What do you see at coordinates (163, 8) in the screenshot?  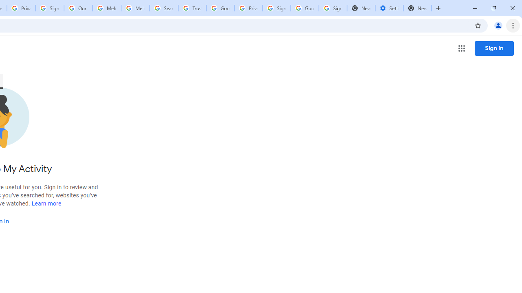 I see `'Search our Doodle Library Collection - Google Doodles'` at bounding box center [163, 8].